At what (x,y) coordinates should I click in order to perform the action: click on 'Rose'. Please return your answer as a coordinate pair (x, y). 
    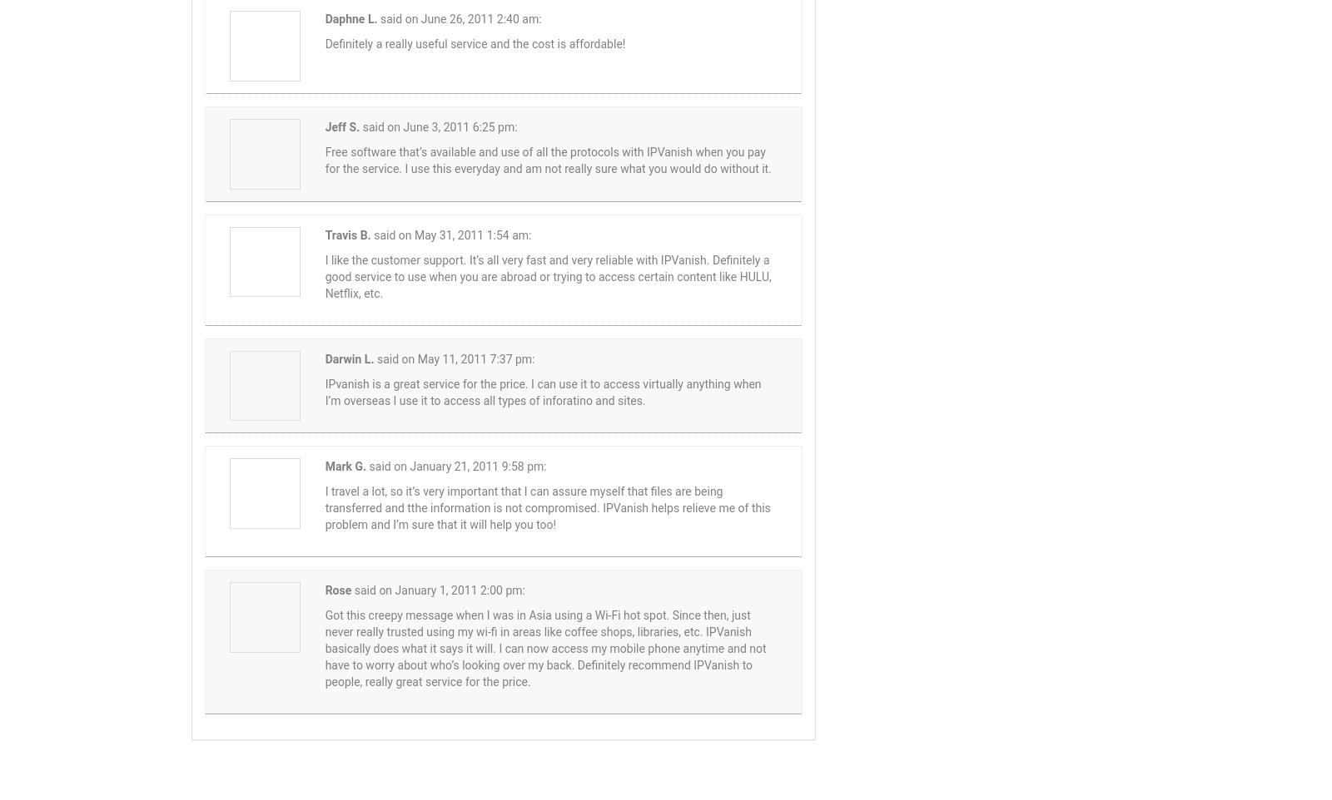
    Looking at the image, I should click on (336, 589).